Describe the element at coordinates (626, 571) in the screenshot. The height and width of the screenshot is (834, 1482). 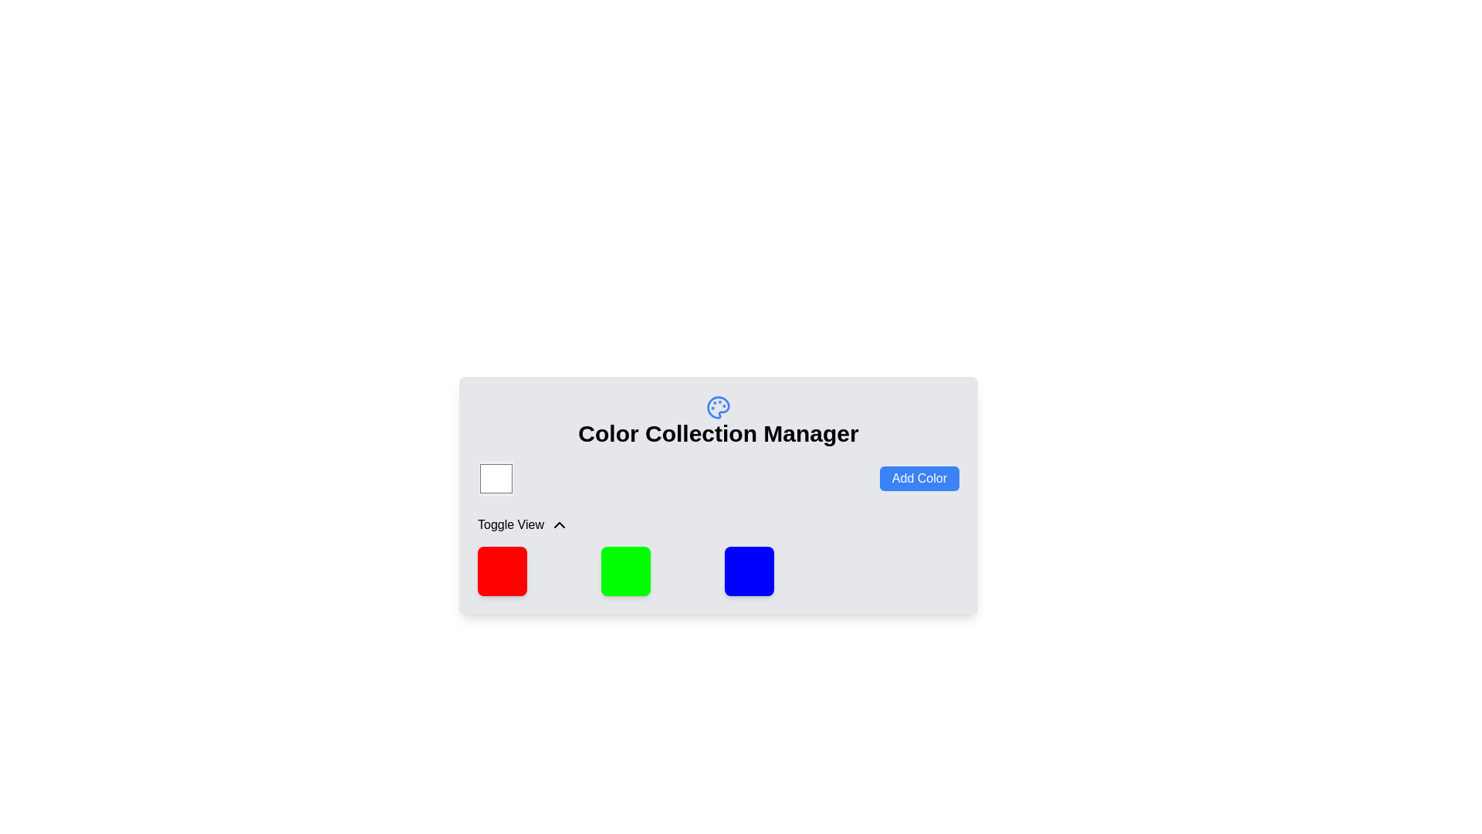
I see `the green color indicator visual block, which represents the color code '#00ff00', located as the second element in a grid layout` at that location.